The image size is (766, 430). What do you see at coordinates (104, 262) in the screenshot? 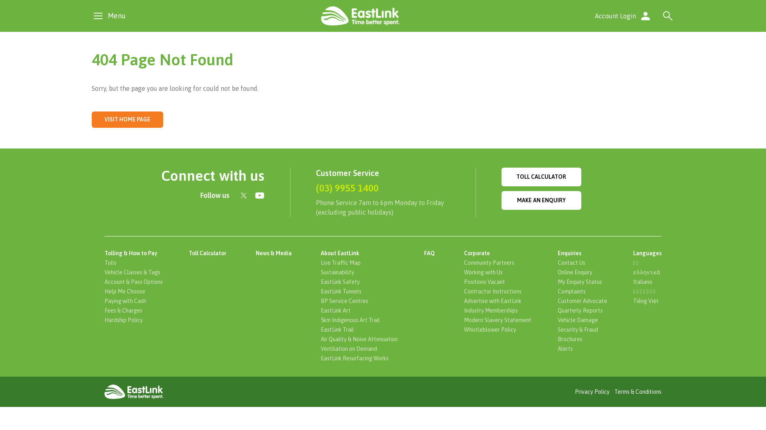
I see `'Tolls'` at bounding box center [104, 262].